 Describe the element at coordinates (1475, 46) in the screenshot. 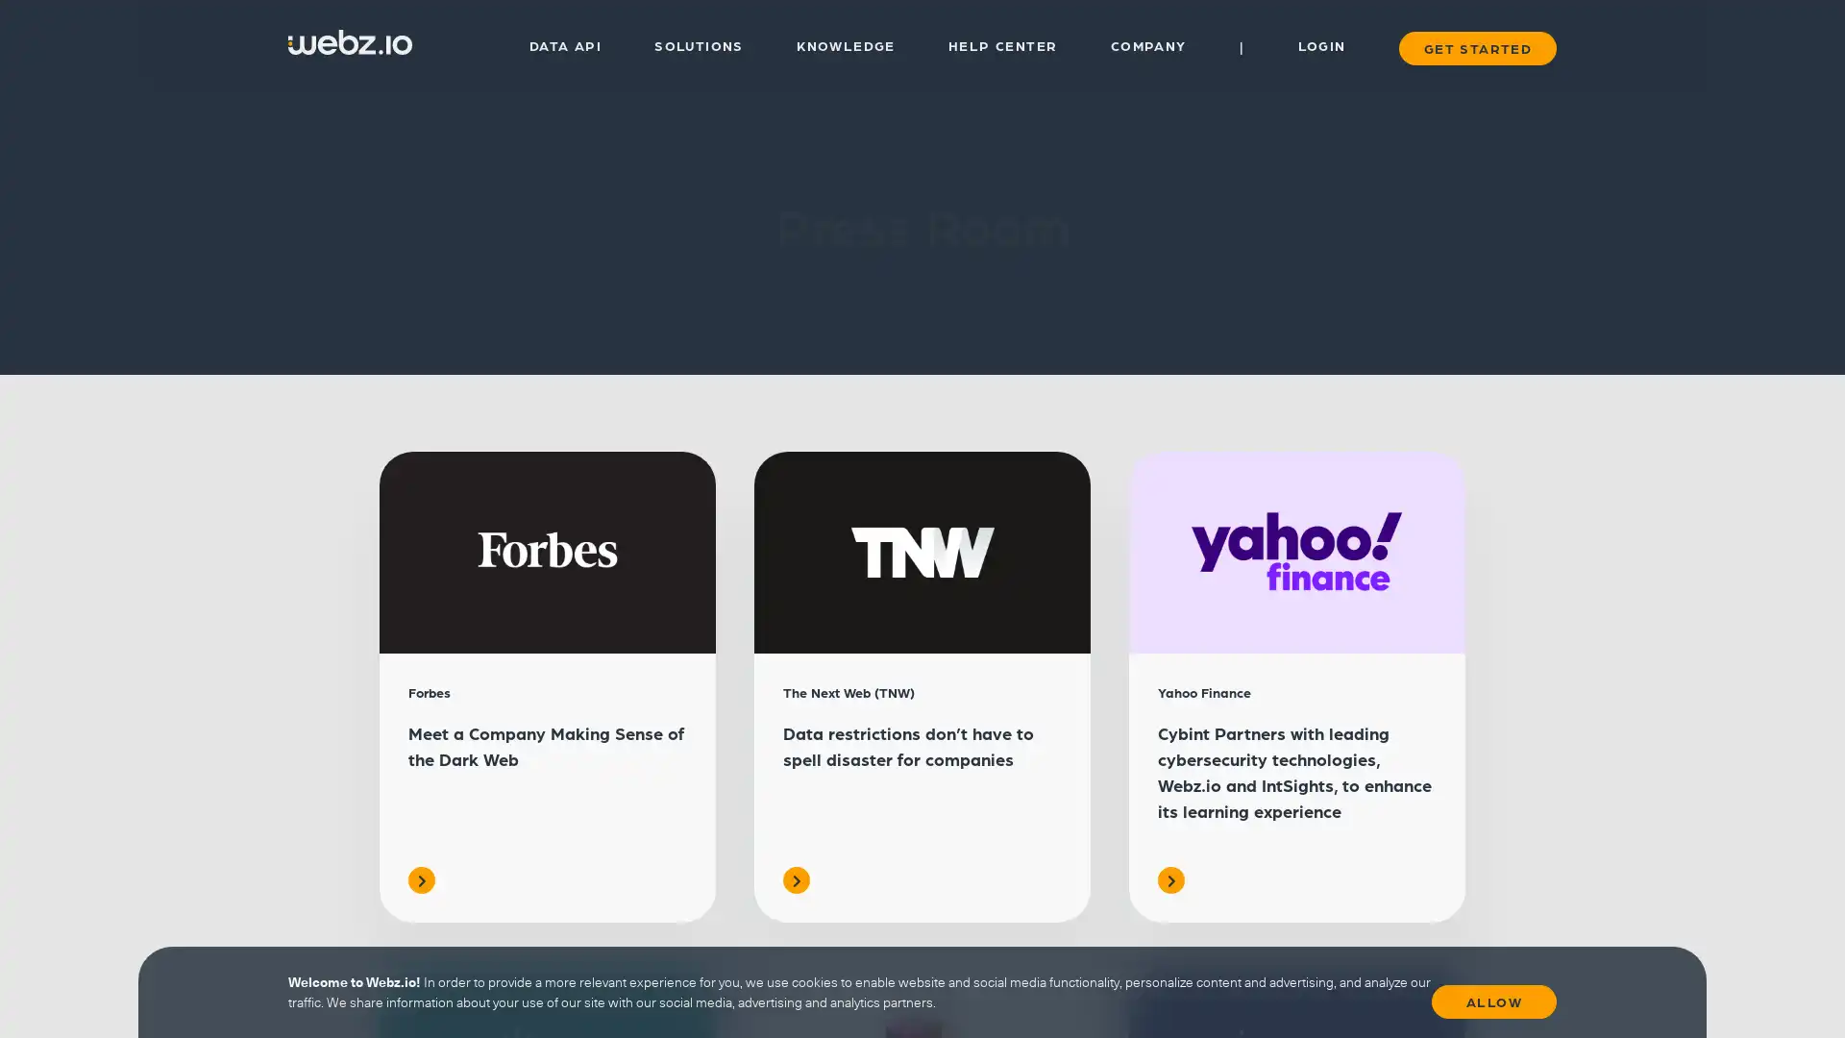

I see `GET STARTED` at that location.